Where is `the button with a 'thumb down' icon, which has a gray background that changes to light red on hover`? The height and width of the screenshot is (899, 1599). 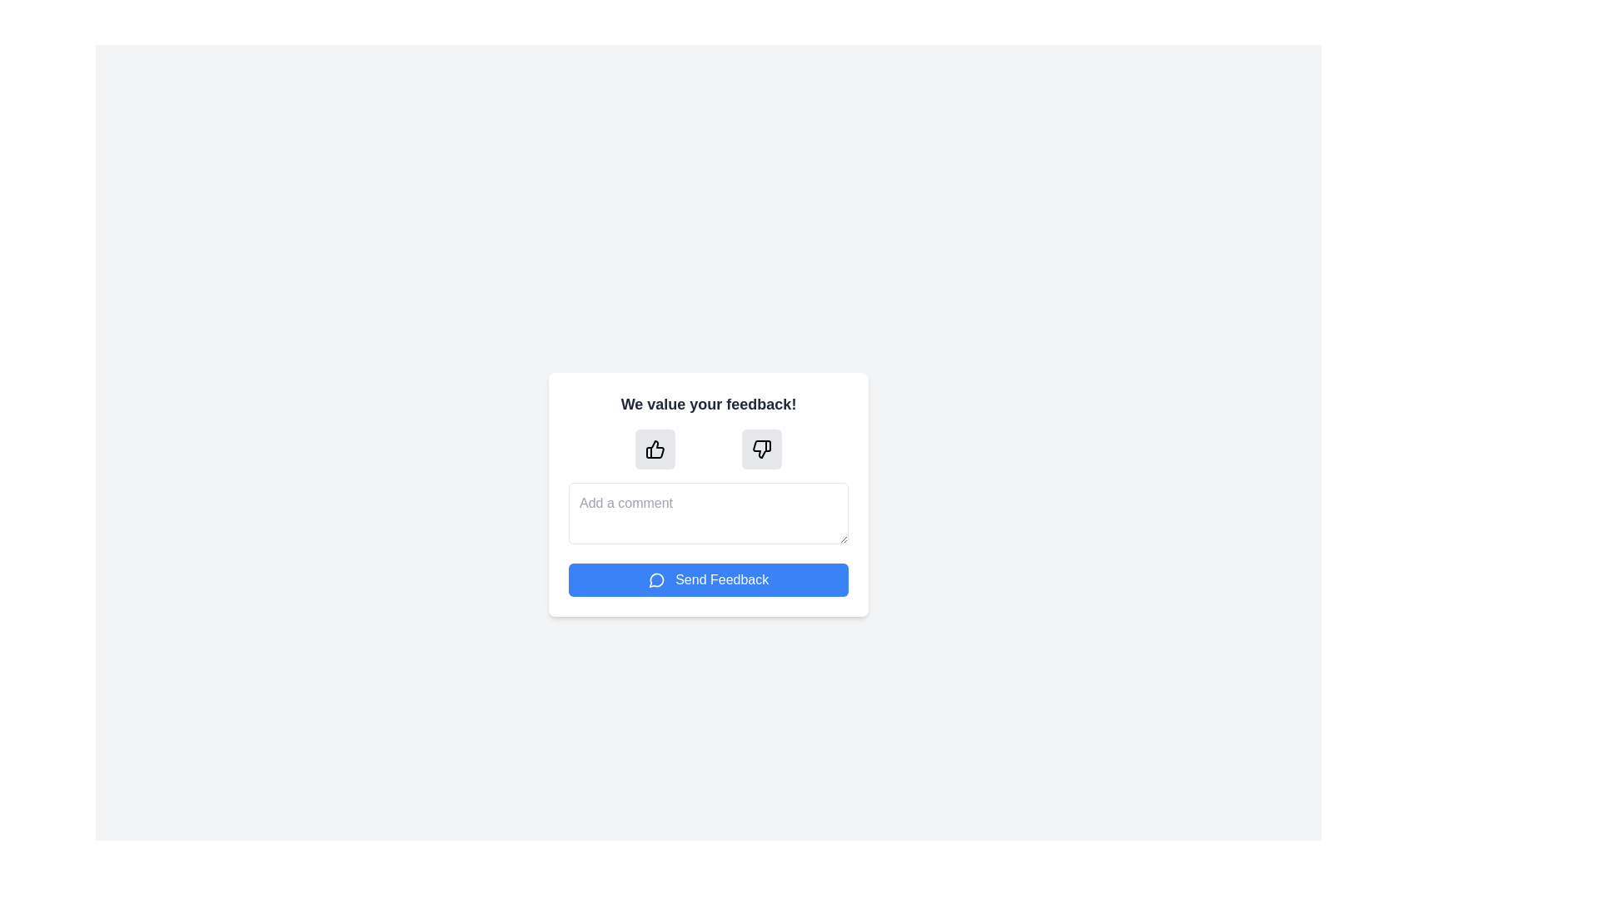
the button with a 'thumb down' icon, which has a gray background that changes to light red on hover is located at coordinates (761, 448).